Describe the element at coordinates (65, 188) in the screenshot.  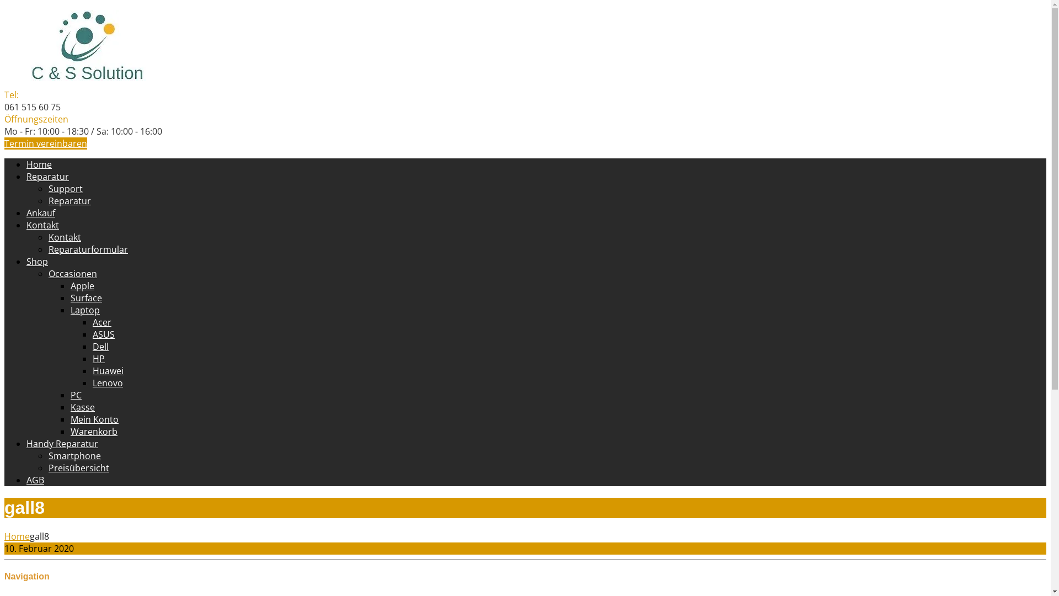
I see `'Support'` at that location.